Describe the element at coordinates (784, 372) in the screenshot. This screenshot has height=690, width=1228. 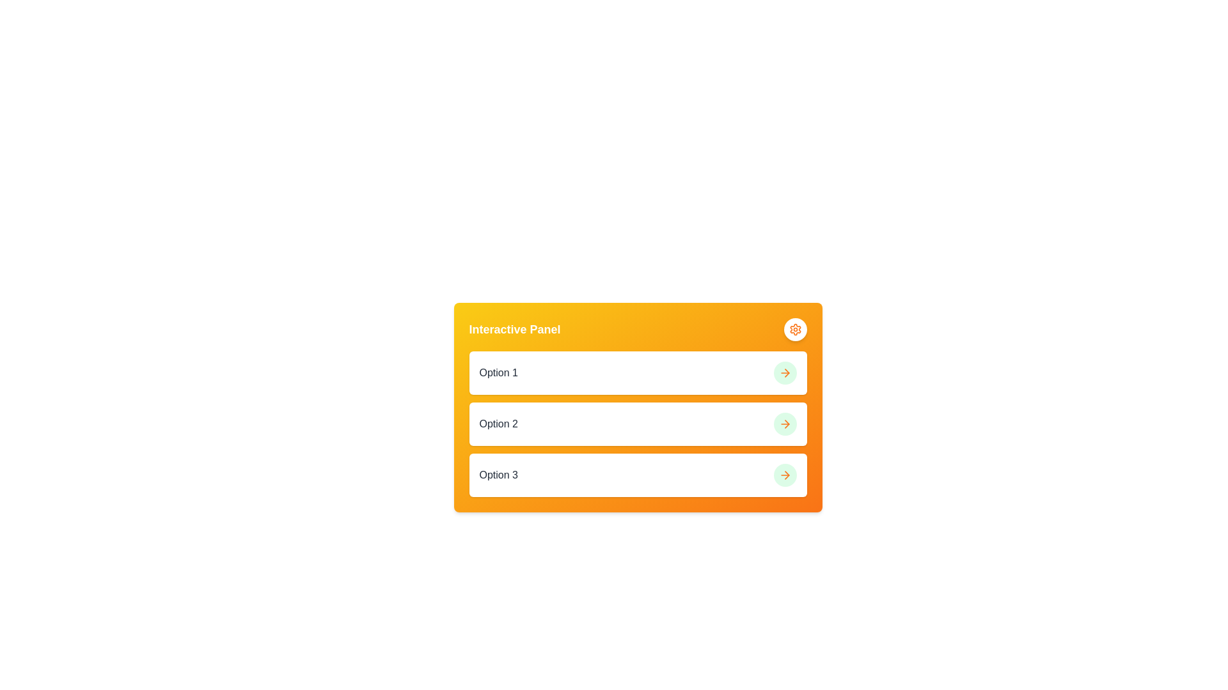
I see `the button at the right end of the 'Option 1' row` at that location.